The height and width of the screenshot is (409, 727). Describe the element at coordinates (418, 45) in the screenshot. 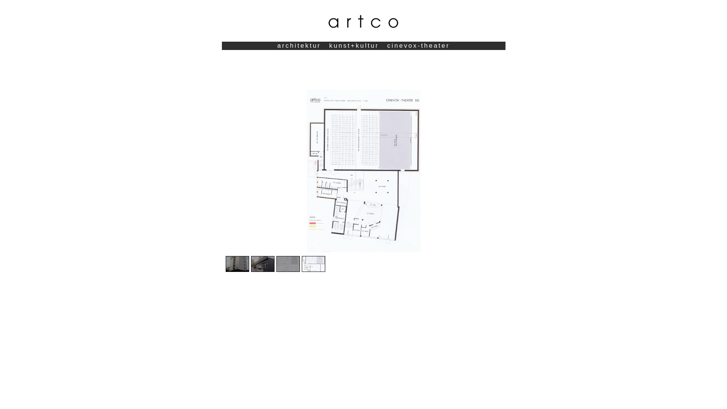

I see `'cinevox-theater'` at that location.